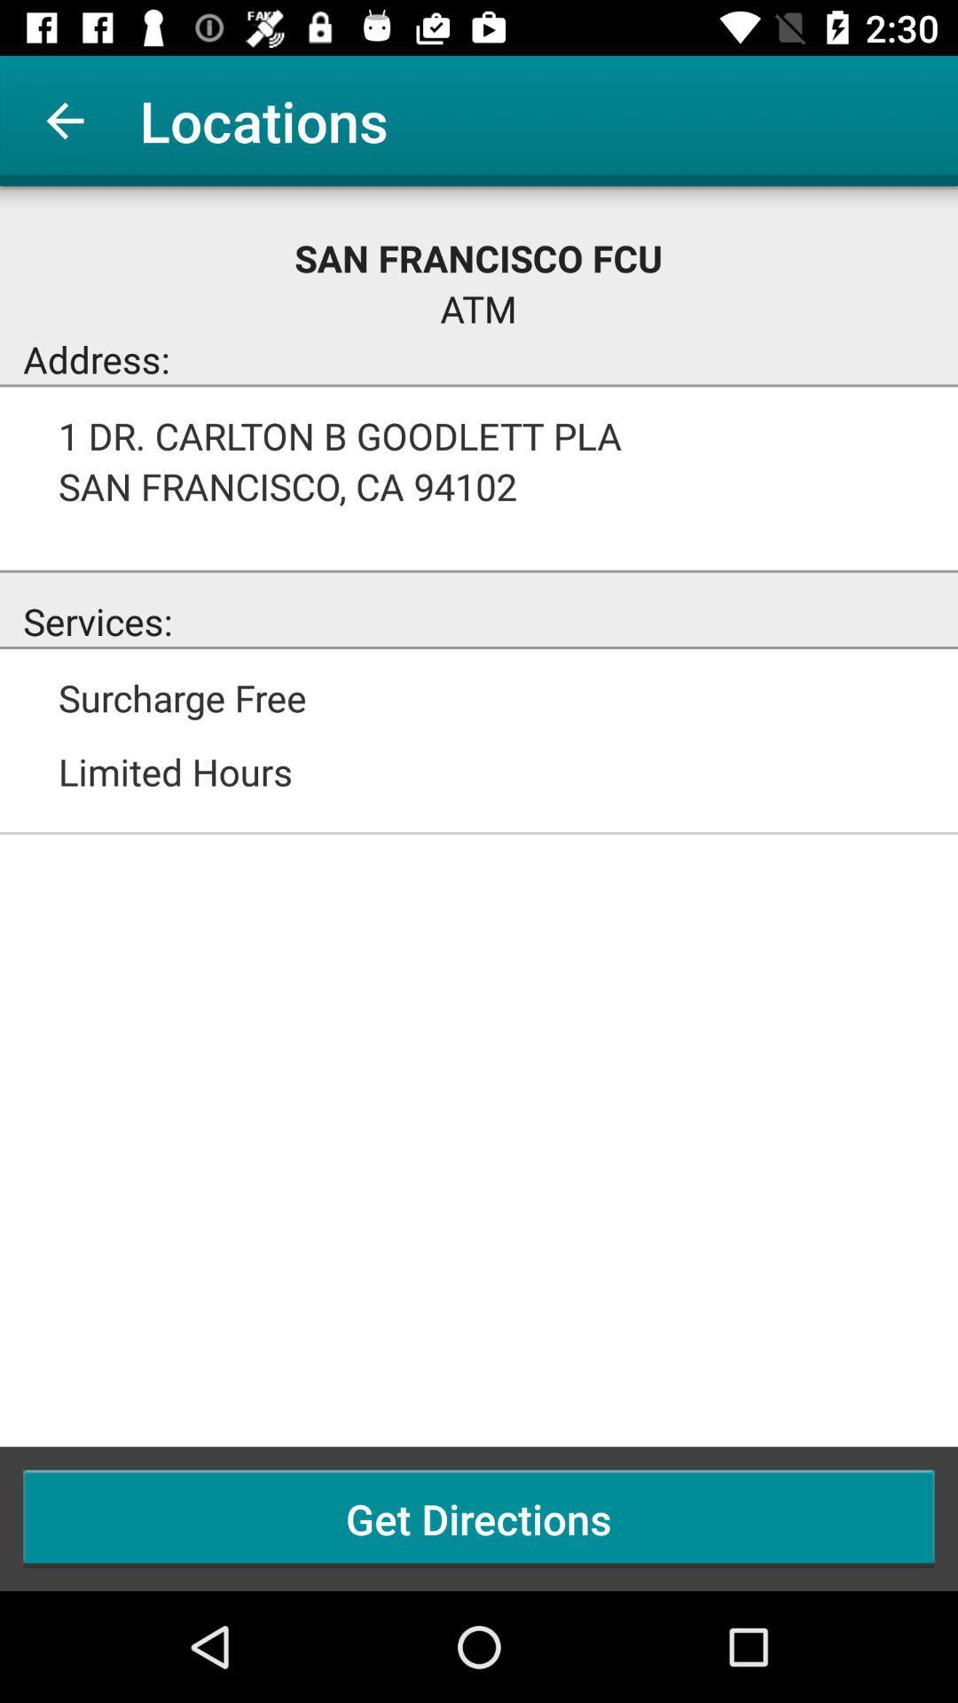 The width and height of the screenshot is (958, 1703). Describe the element at coordinates (64, 120) in the screenshot. I see `icon to the left of locations` at that location.